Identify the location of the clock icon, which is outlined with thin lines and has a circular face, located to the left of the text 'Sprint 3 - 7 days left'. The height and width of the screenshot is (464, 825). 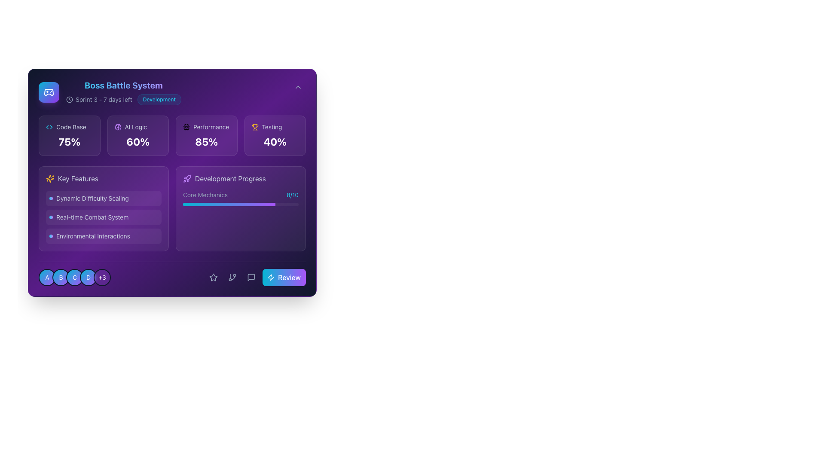
(70, 99).